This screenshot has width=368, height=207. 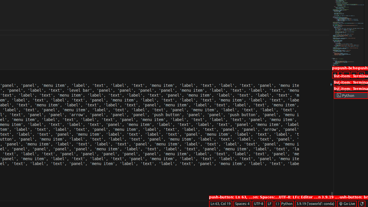 What do you see at coordinates (340, 74) in the screenshot?
I see `'Launch Profile...'` at bounding box center [340, 74].